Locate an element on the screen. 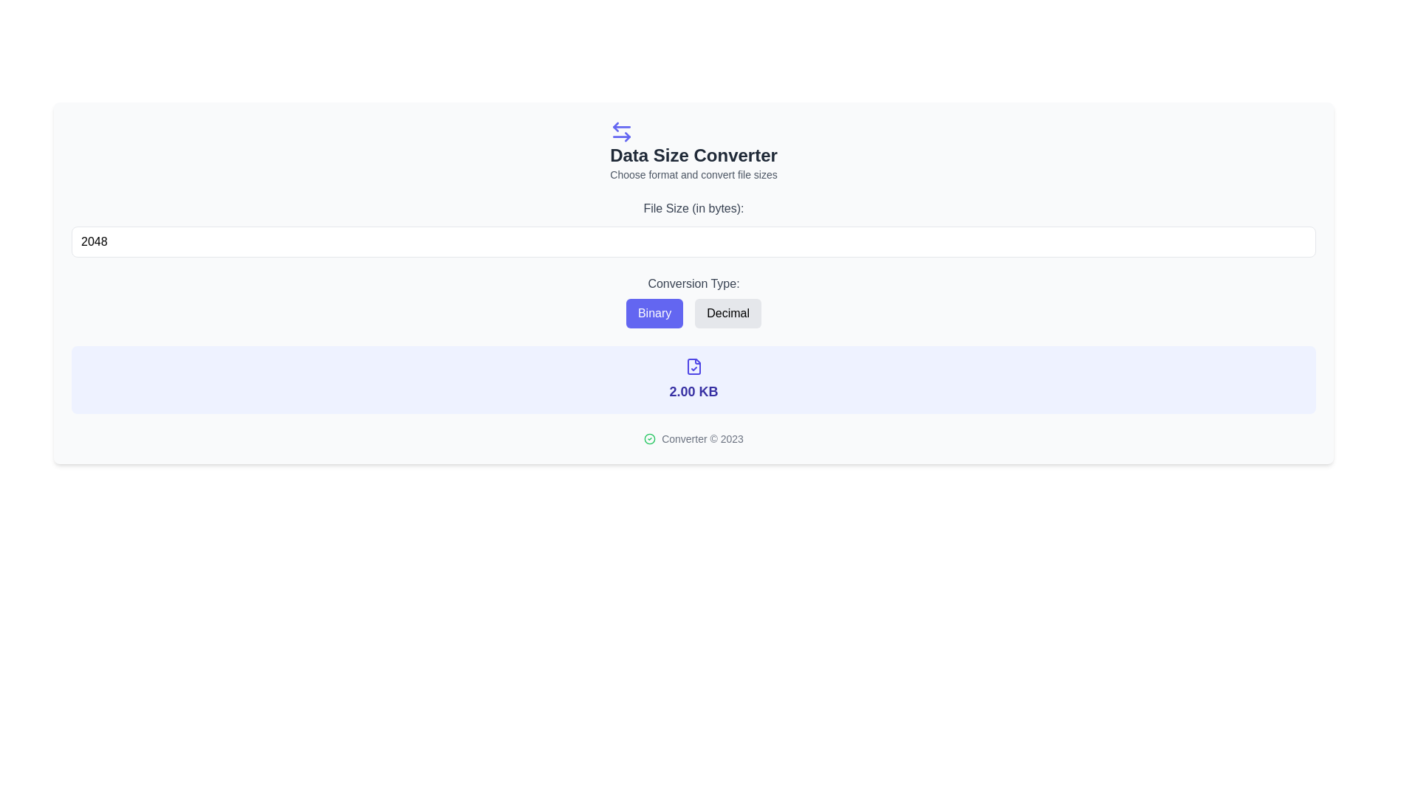  the validation icon located at the top center of the card that indicates successful processing of a file is located at coordinates (693, 366).